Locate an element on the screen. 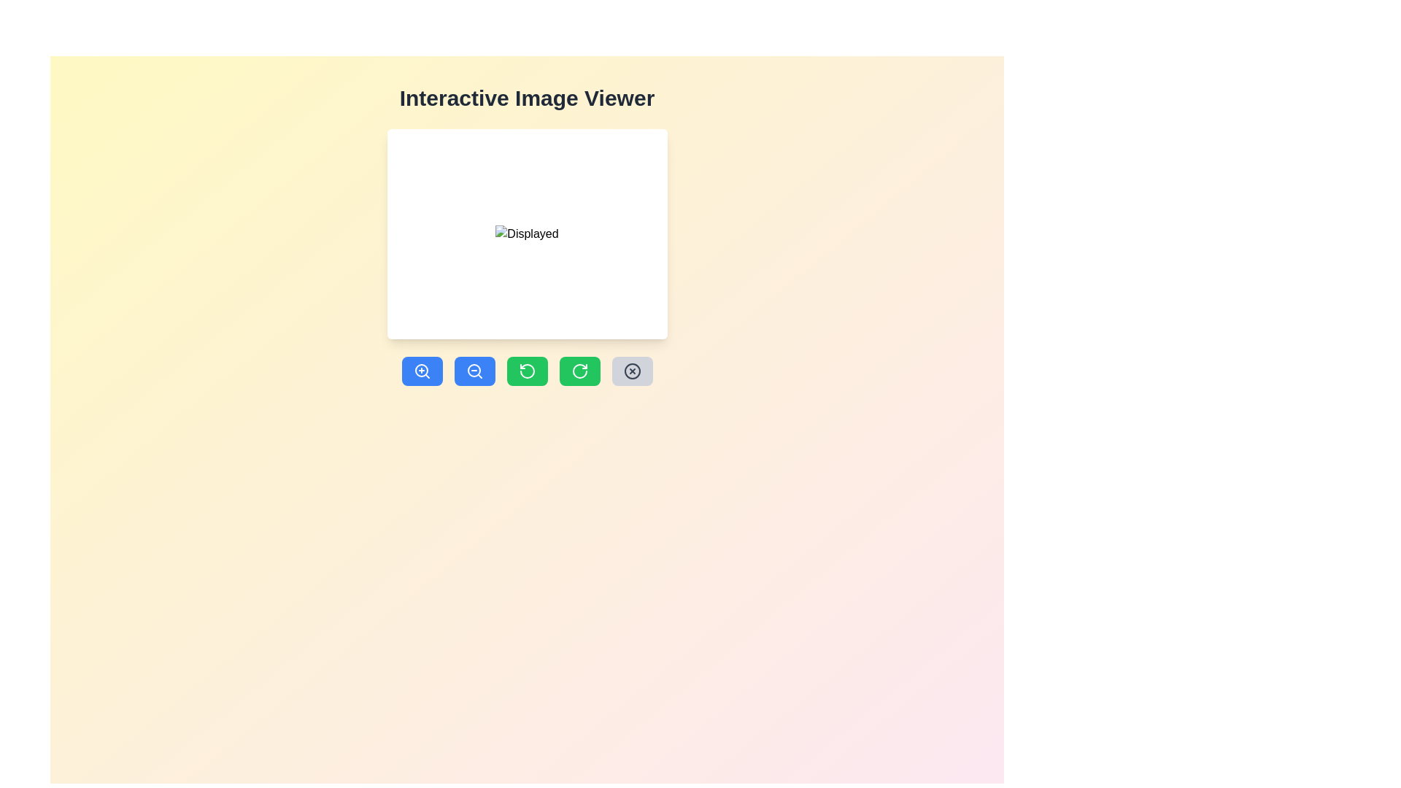  the leftmost zoom-in button located in the horizontal button group at the bottom center of the interface to magnify the content is located at coordinates (421, 371).